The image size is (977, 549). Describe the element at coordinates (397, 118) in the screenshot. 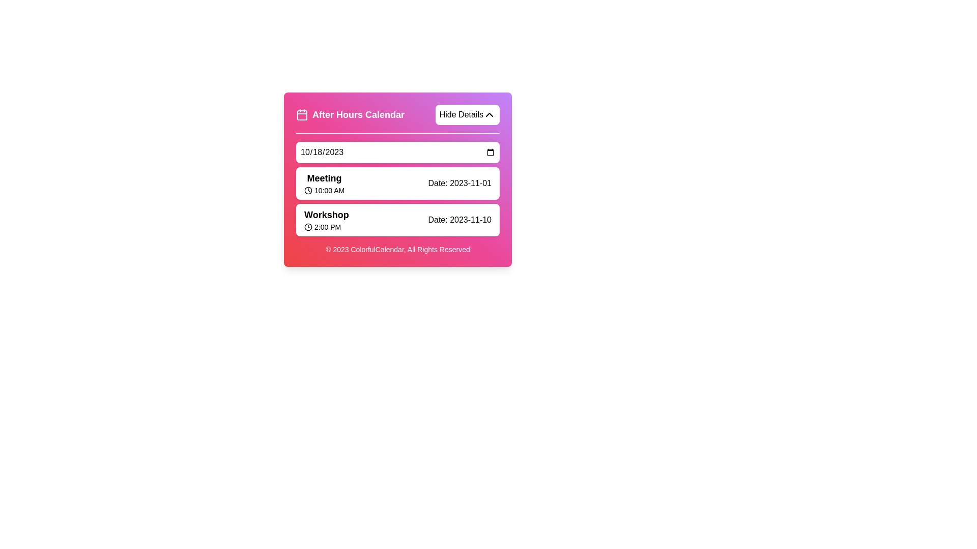

I see `the 'Hide Details' button located on the right side of the header bar, which has a gradient background and contains the text 'After Hours Calendar' on the left` at that location.